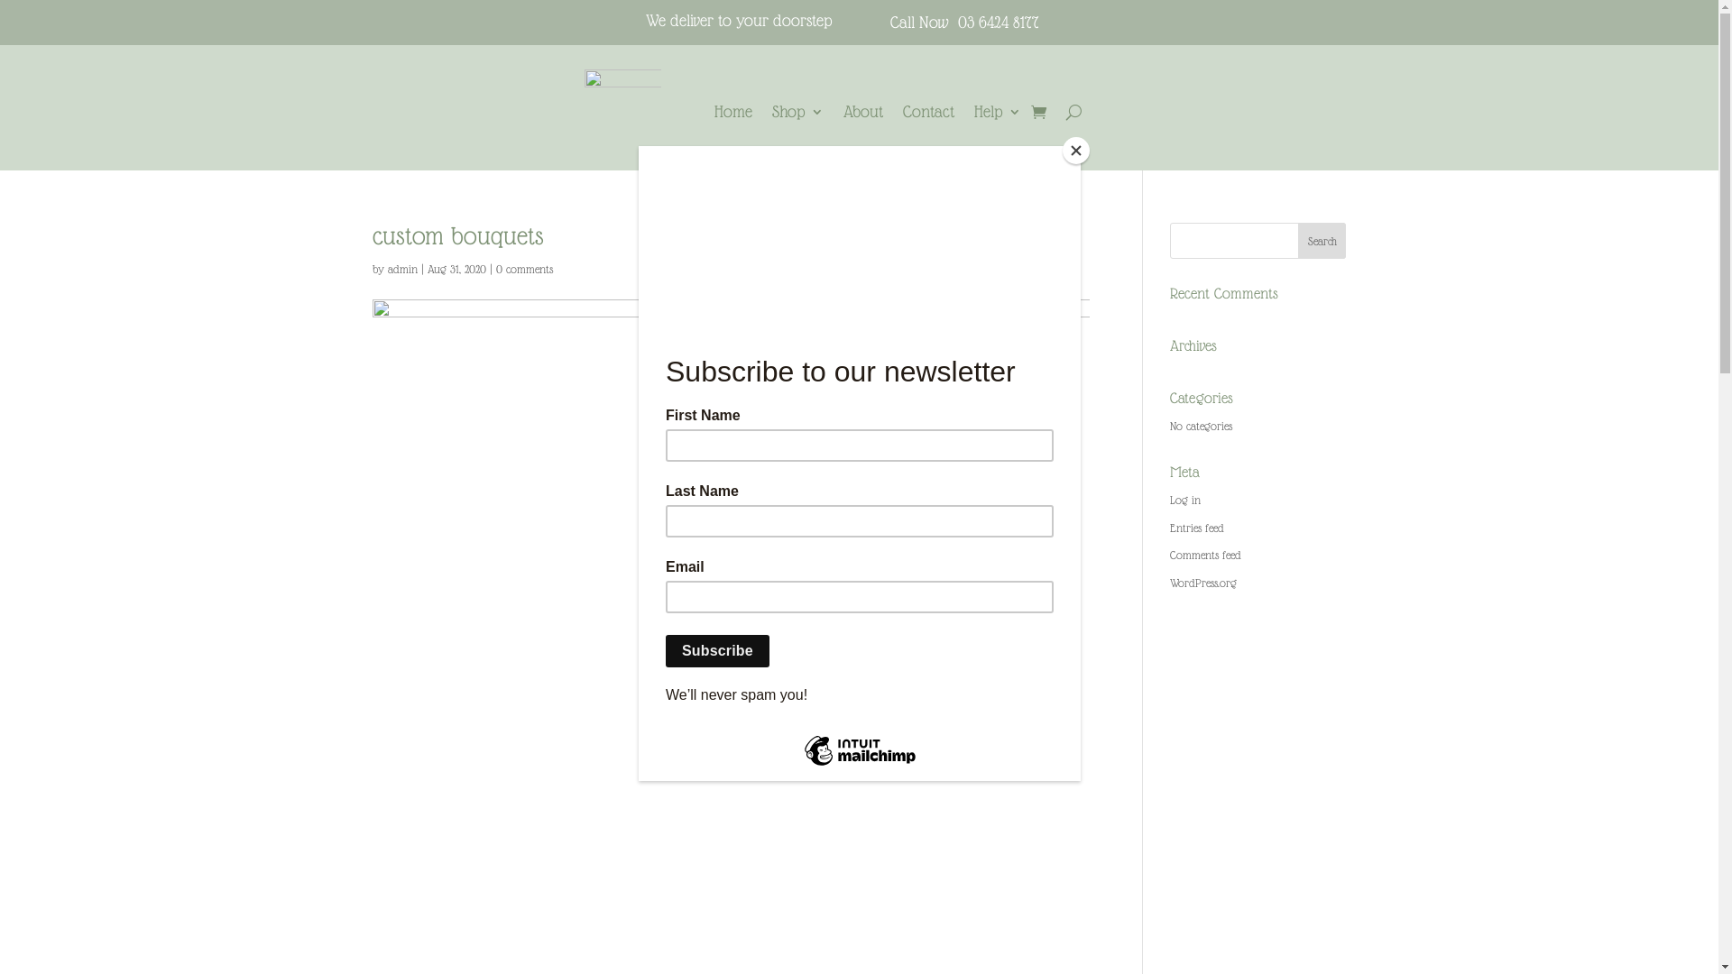 This screenshot has width=1732, height=974. What do you see at coordinates (1205, 554) in the screenshot?
I see `'Comments feed'` at bounding box center [1205, 554].